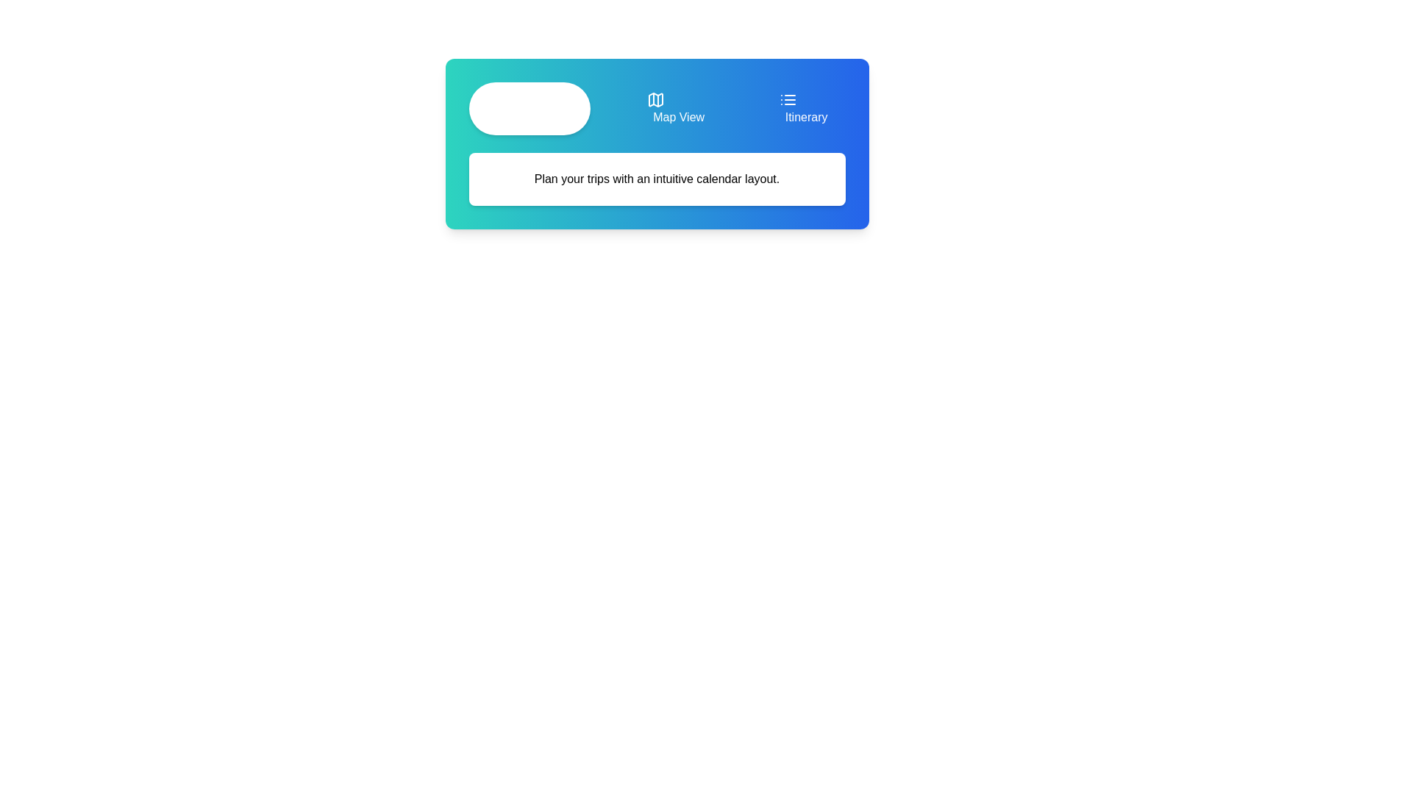 This screenshot has height=794, width=1412. Describe the element at coordinates (803, 107) in the screenshot. I see `the Itinerary tab by clicking on its button` at that location.